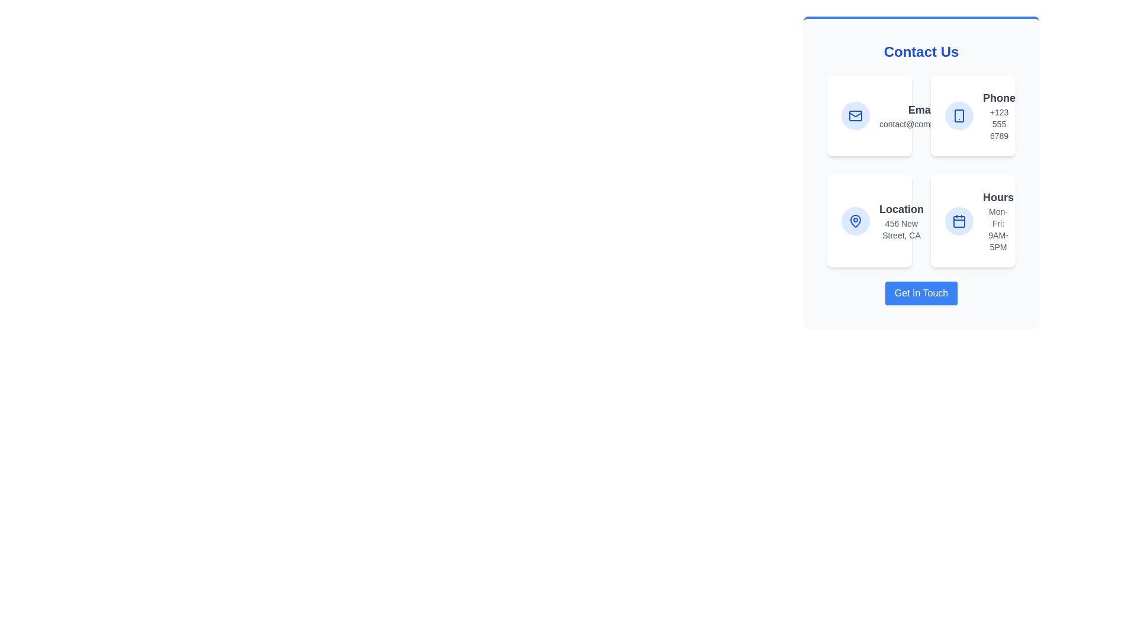  What do you see at coordinates (855, 116) in the screenshot?
I see `the envelope icon located in the top-left corner of the 'Contact Us' panel` at bounding box center [855, 116].